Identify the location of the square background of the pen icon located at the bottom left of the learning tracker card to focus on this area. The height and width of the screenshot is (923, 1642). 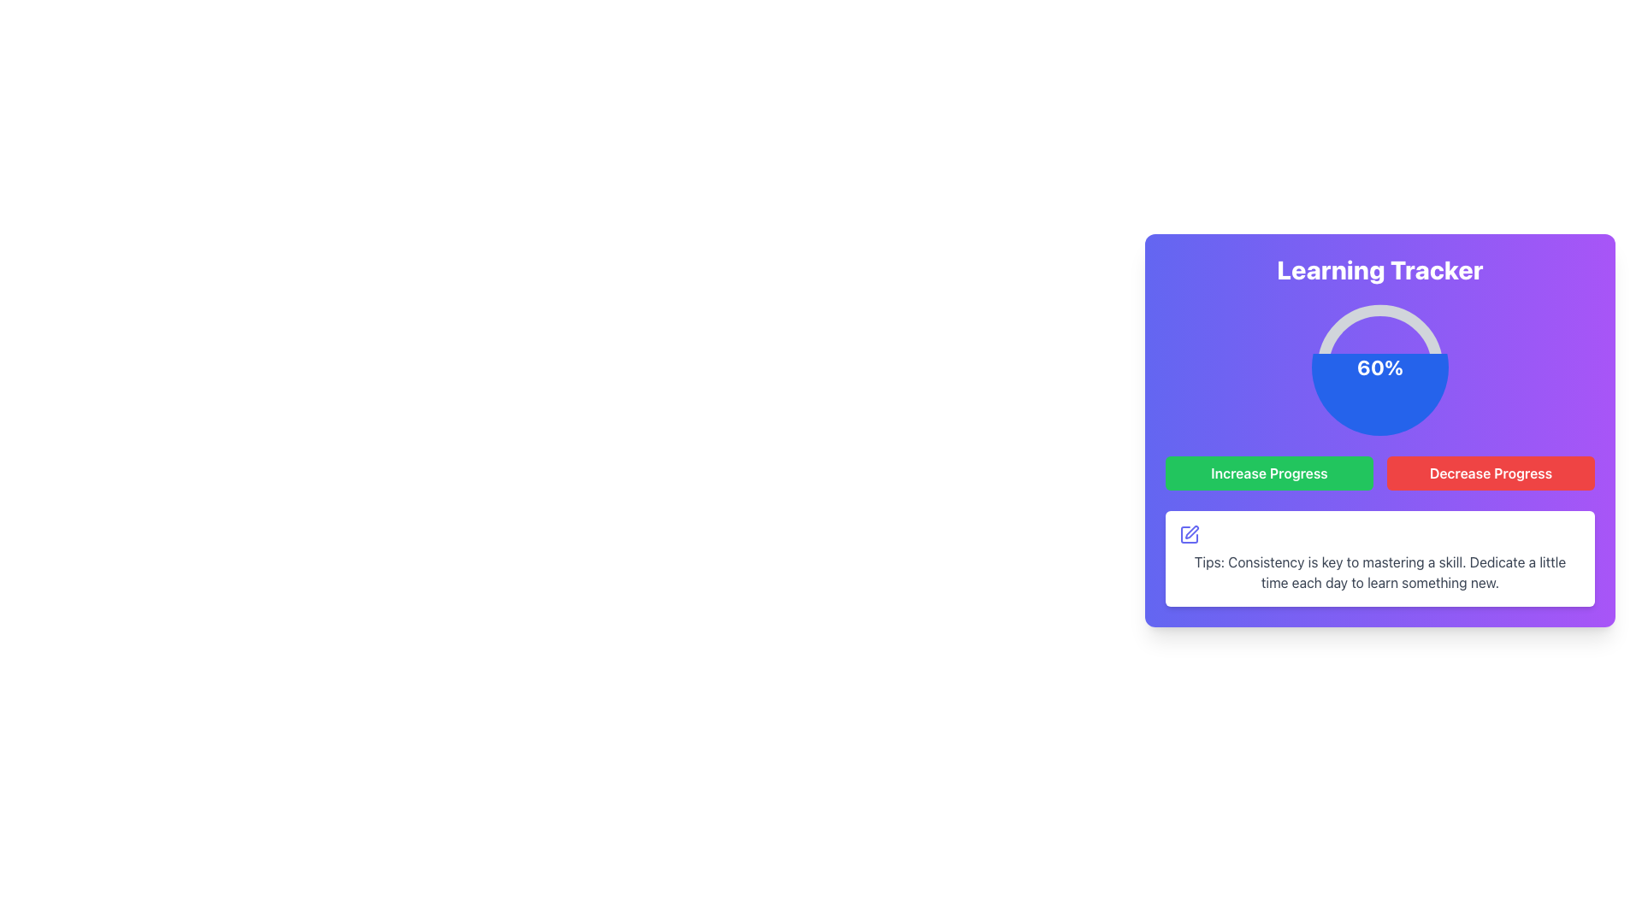
(1189, 533).